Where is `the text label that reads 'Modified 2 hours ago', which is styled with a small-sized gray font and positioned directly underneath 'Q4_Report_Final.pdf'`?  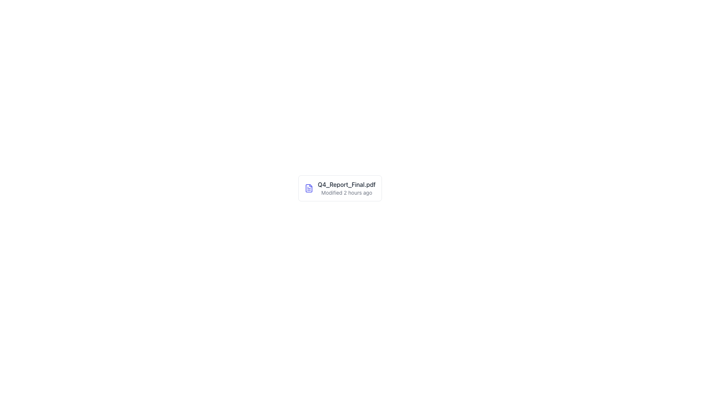
the text label that reads 'Modified 2 hours ago', which is styled with a small-sized gray font and positioned directly underneath 'Q4_Report_Final.pdf' is located at coordinates (346, 192).